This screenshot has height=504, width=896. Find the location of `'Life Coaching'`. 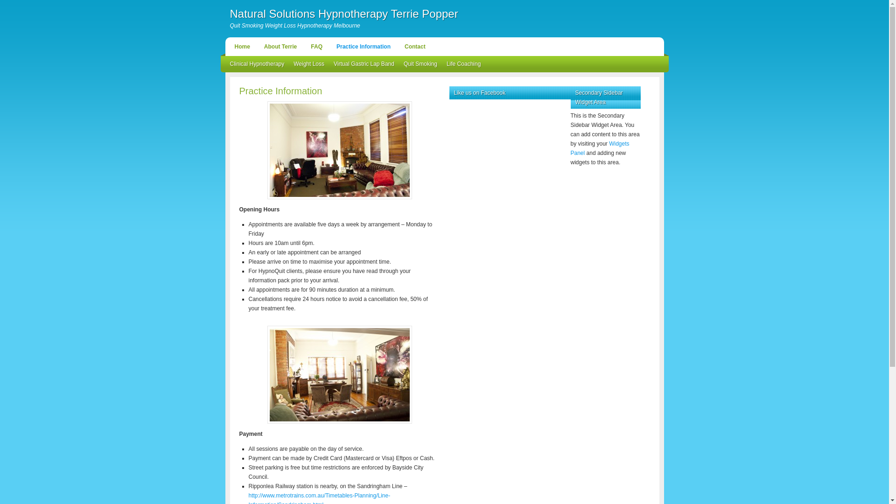

'Life Coaching' is located at coordinates (463, 63).